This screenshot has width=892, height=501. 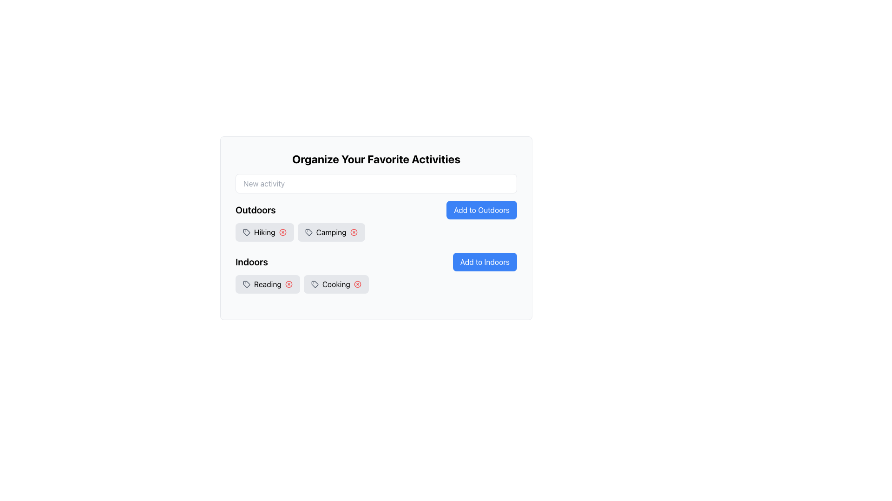 What do you see at coordinates (315, 284) in the screenshot?
I see `visual tag icon located to the left of the 'Cooking' button under the 'Indoors' section of the interface` at bounding box center [315, 284].